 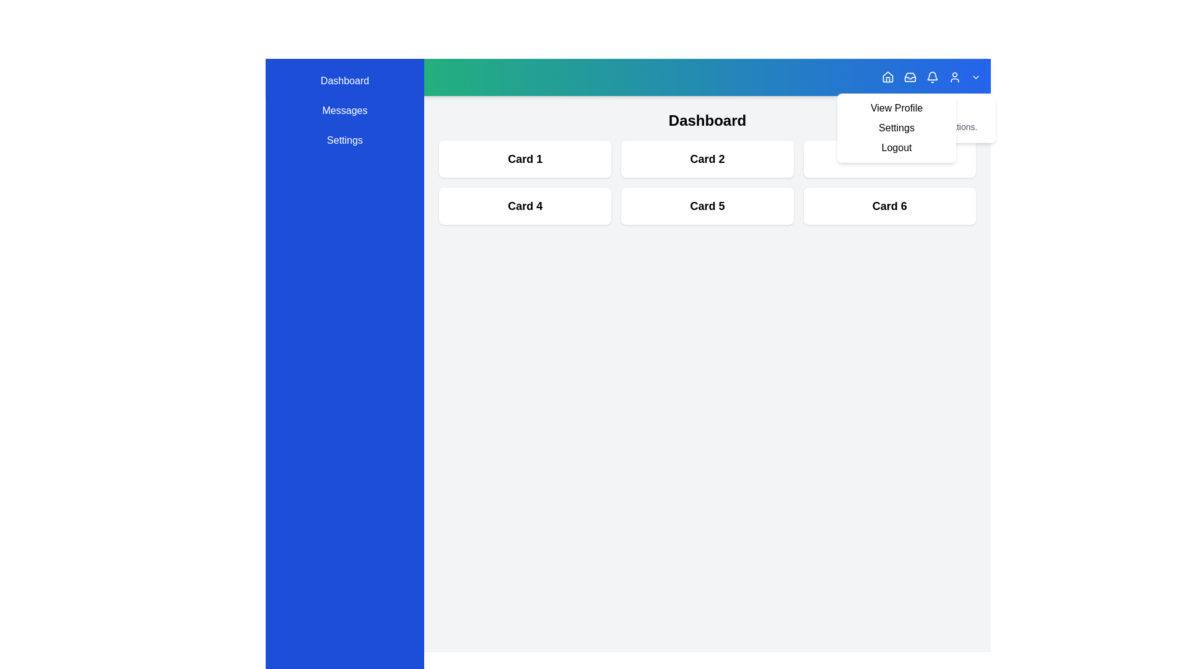 What do you see at coordinates (344, 81) in the screenshot?
I see `the 'Dashboard' button, which is the first item in a vertical list of options with a blue background and white text` at bounding box center [344, 81].